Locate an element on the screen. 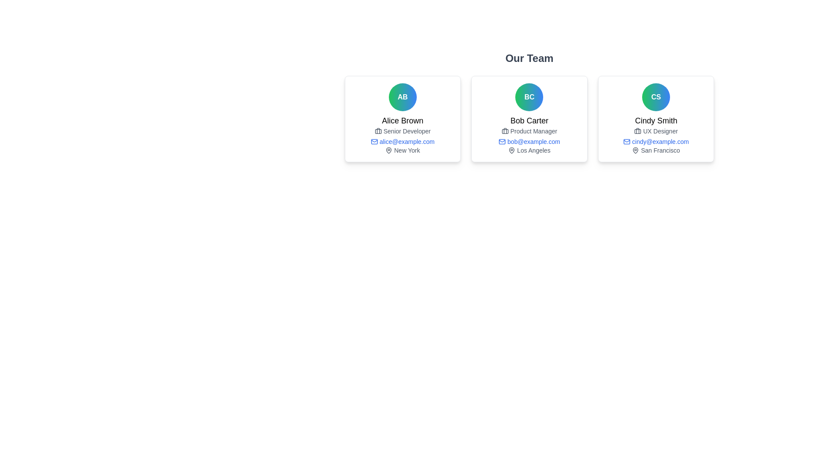 The image size is (837, 471). the circular profile badge for 'Alice Brown', located at the top-center of the leftmost profile card is located at coordinates (402, 97).